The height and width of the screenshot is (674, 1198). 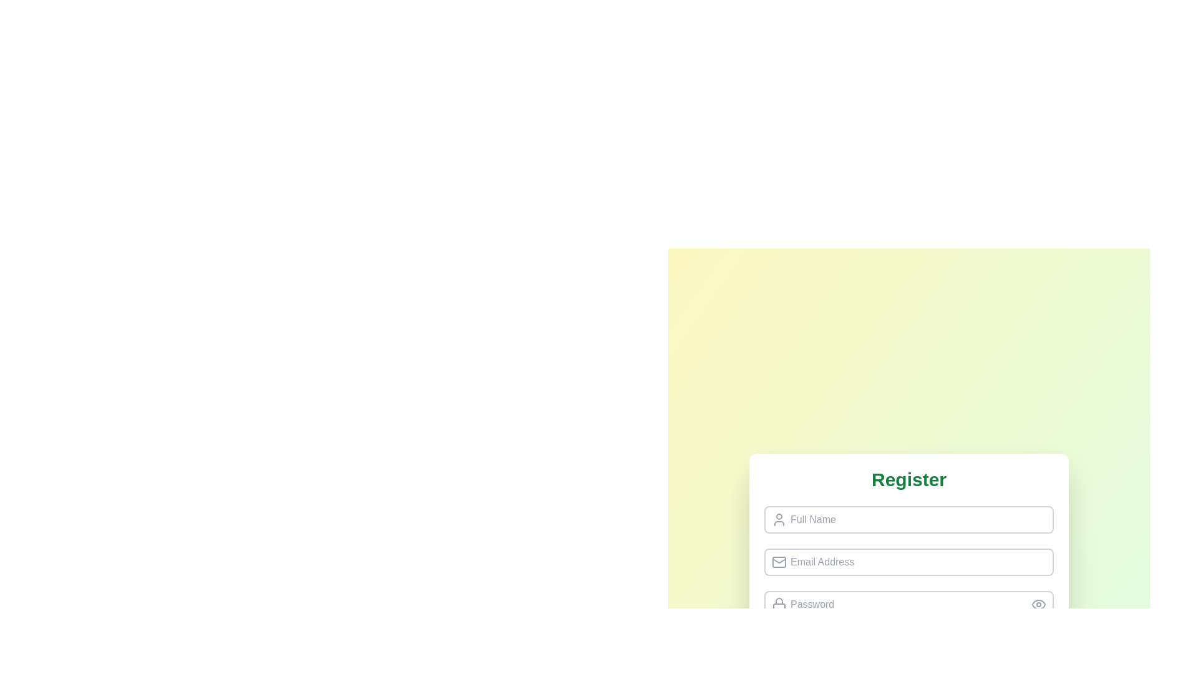 What do you see at coordinates (778, 562) in the screenshot?
I see `the small mail icon, which is a minimalist outline design positioned to the left of the 'Email Address' input field` at bounding box center [778, 562].